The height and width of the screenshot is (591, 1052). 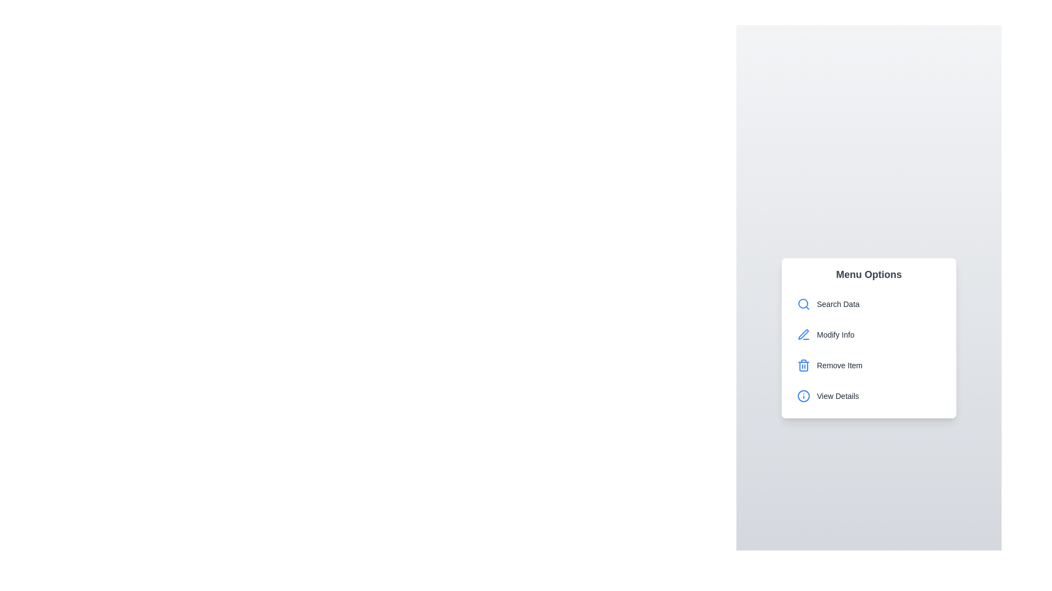 What do you see at coordinates (804, 365) in the screenshot?
I see `the 'Remove Item' icon, which symbolizes a deletion action` at bounding box center [804, 365].